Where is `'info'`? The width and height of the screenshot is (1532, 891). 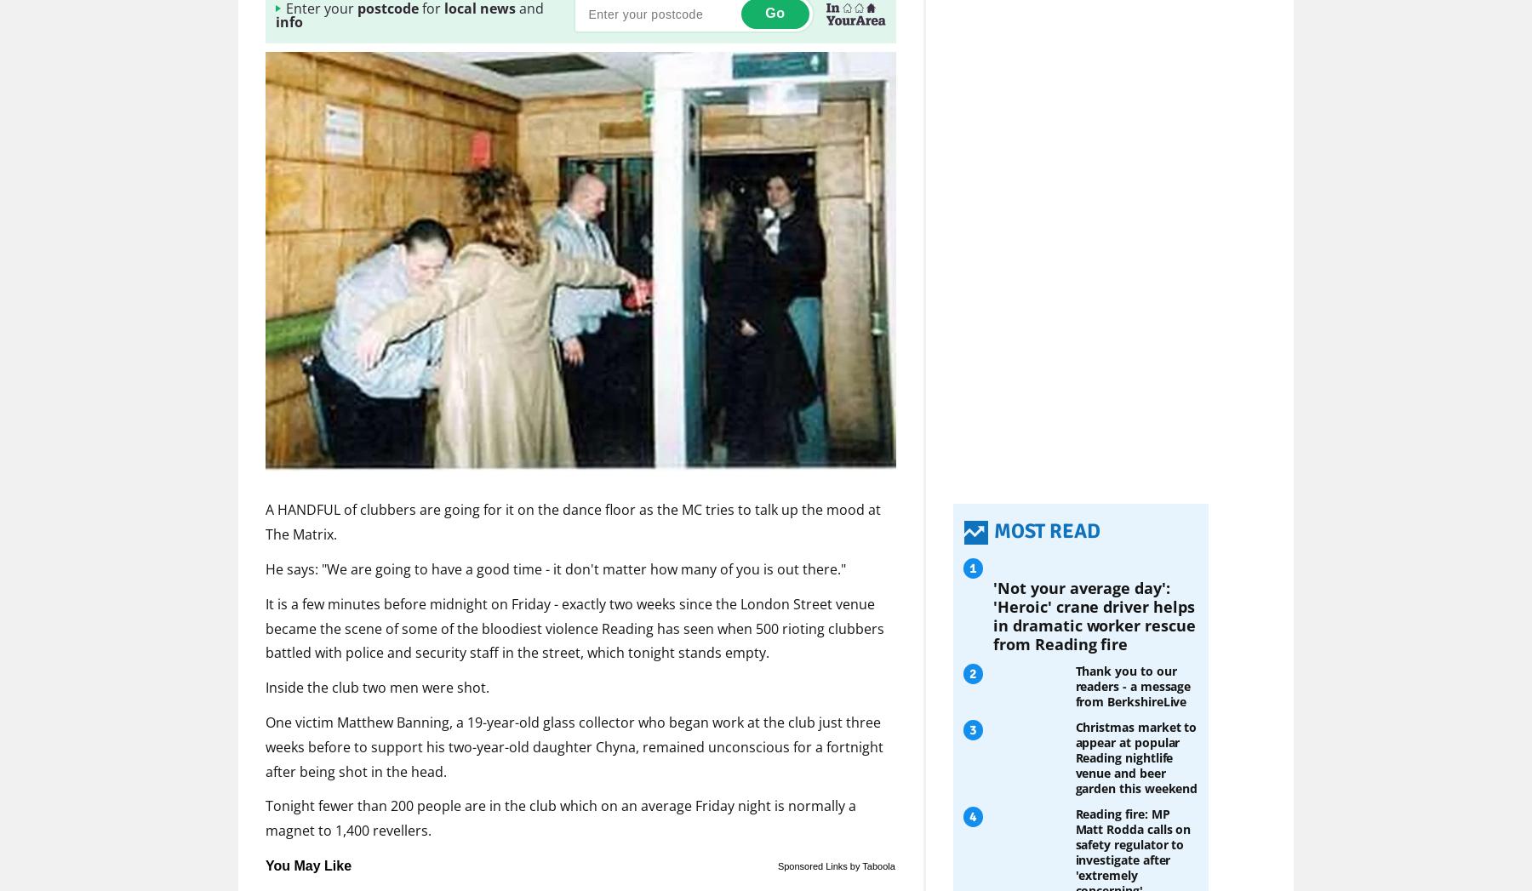
'info' is located at coordinates (289, 20).